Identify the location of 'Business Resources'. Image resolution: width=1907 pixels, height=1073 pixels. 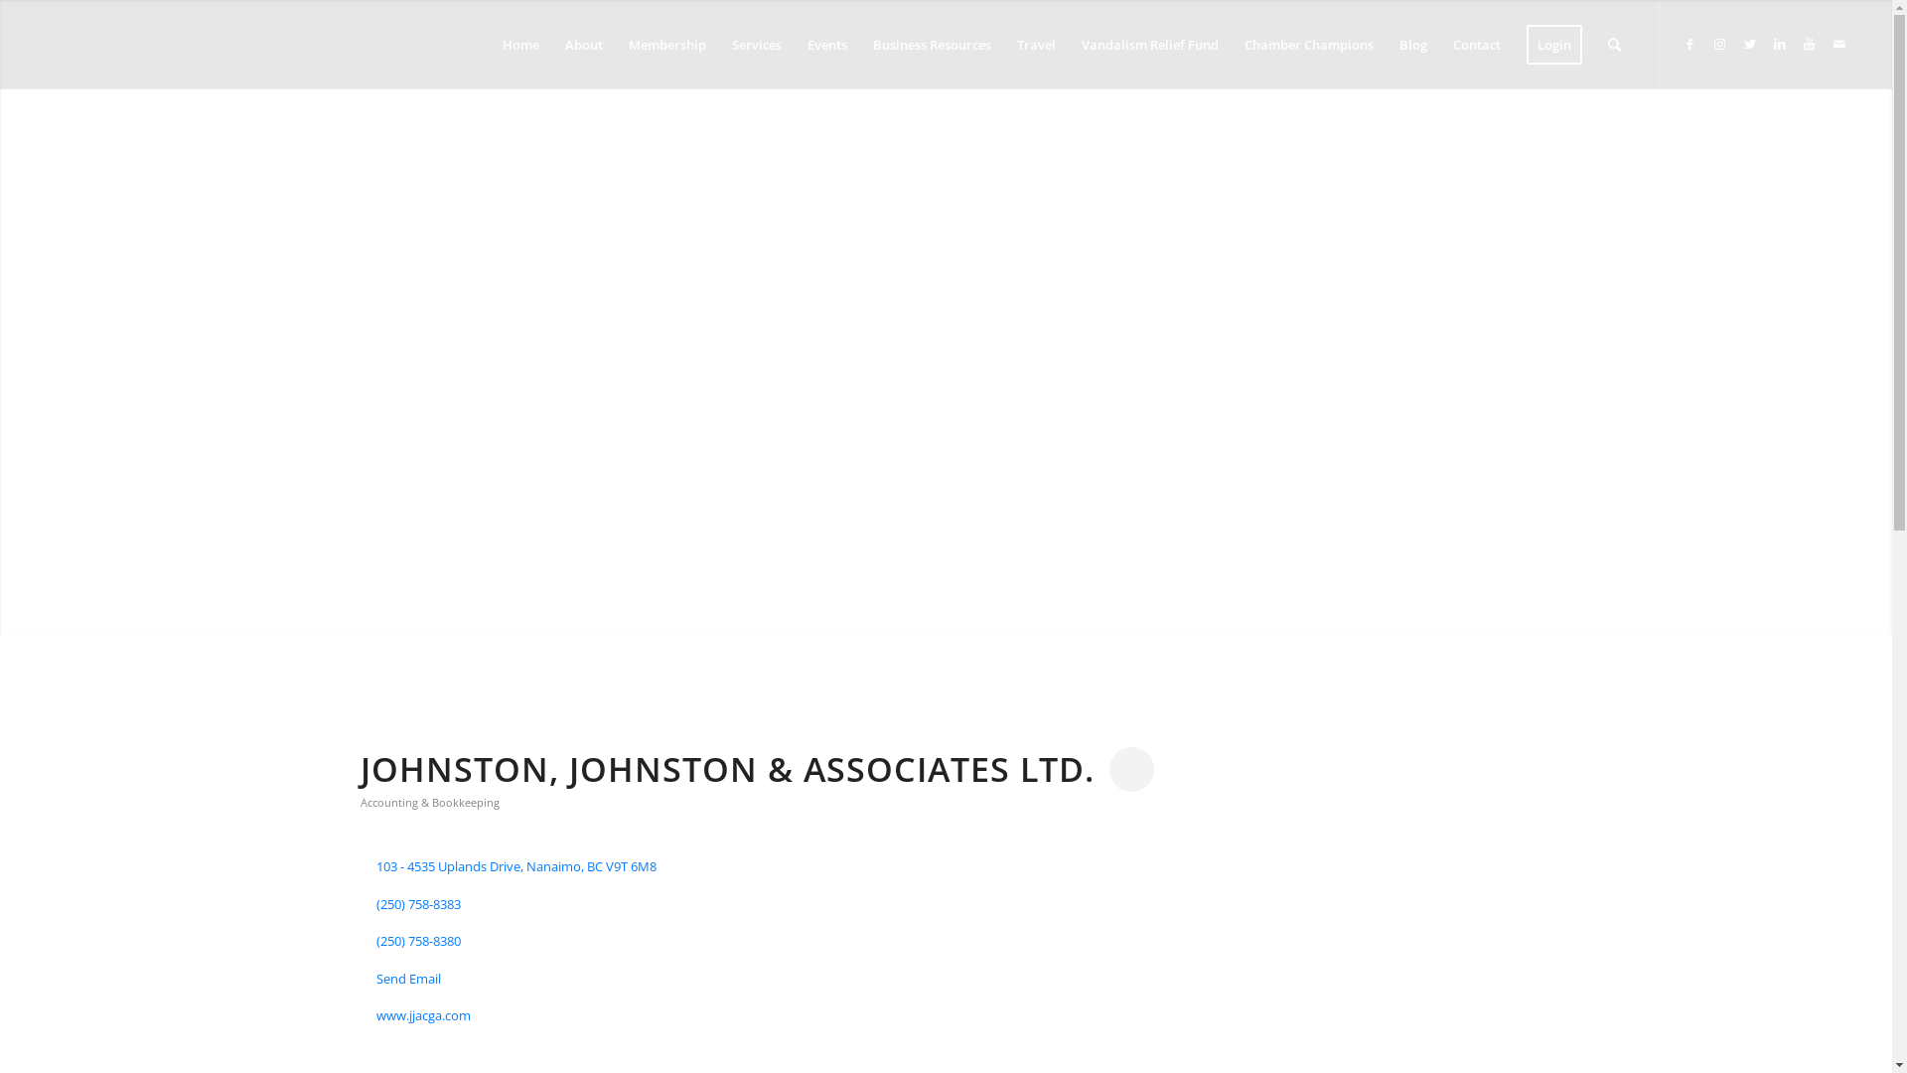
(931, 45).